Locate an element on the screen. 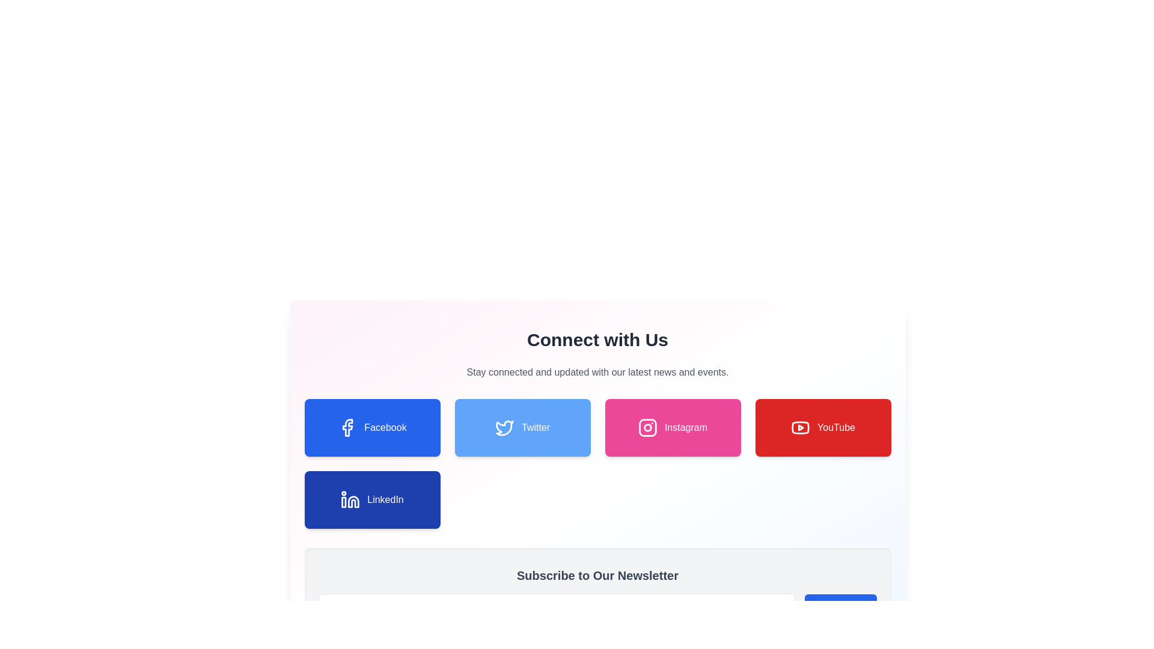  the Facebook button, which is the first button in a grid layout of social media buttons is located at coordinates (371, 427).